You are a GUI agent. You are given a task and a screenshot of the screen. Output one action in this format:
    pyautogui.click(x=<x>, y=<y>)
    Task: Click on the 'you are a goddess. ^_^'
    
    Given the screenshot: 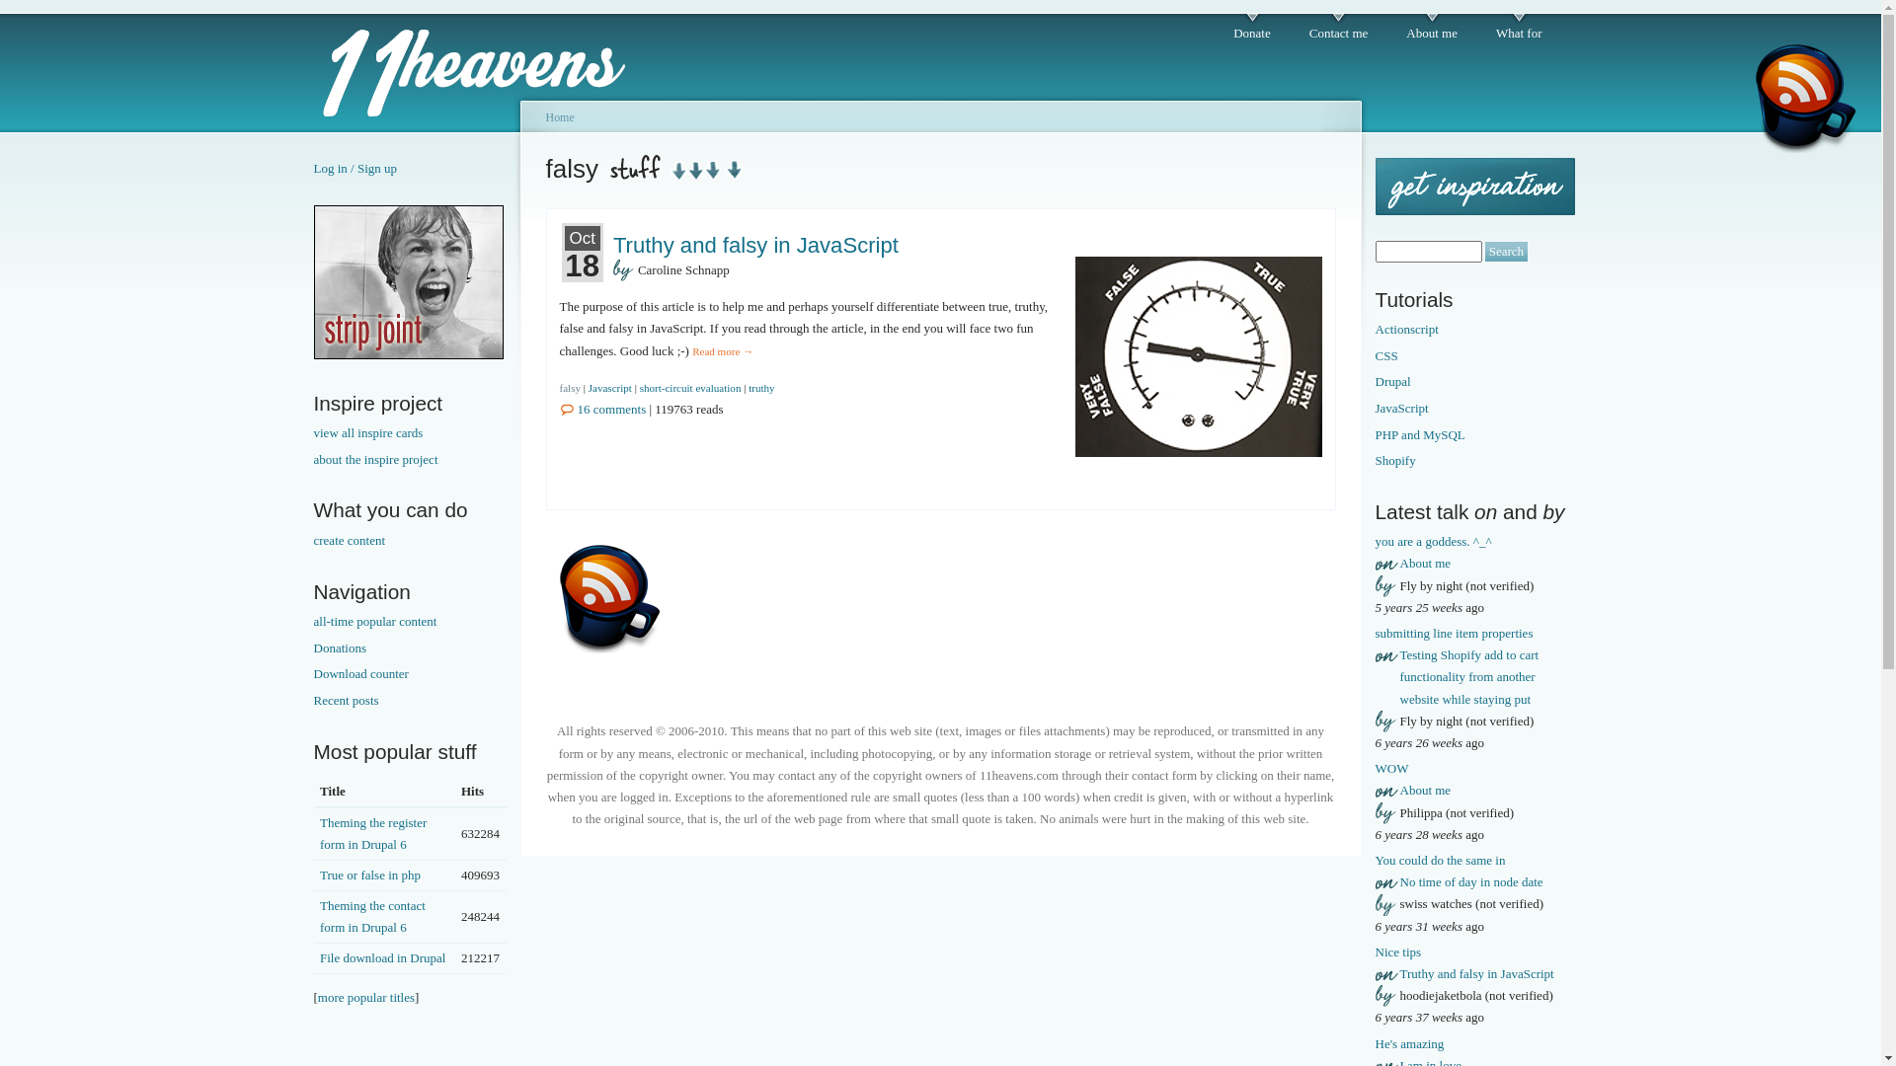 What is the action you would take?
    pyautogui.click(x=1432, y=541)
    